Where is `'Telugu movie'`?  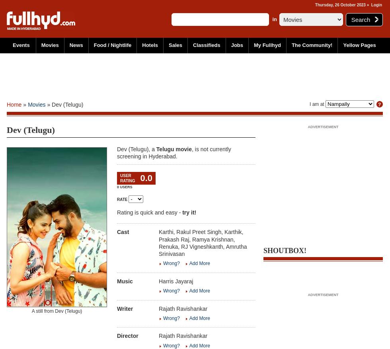 'Telugu movie' is located at coordinates (174, 149).